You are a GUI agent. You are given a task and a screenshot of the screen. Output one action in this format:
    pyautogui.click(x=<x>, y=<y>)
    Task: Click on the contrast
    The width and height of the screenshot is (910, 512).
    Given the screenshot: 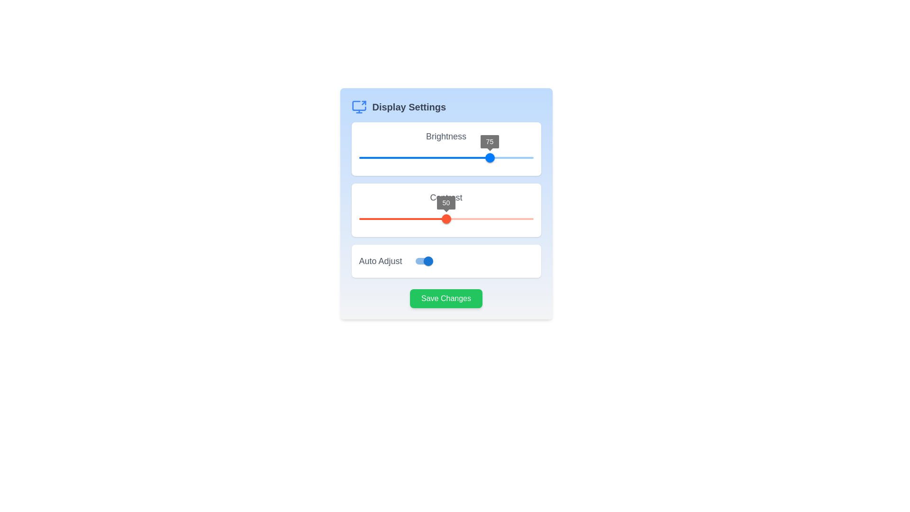 What is the action you would take?
    pyautogui.click(x=419, y=219)
    